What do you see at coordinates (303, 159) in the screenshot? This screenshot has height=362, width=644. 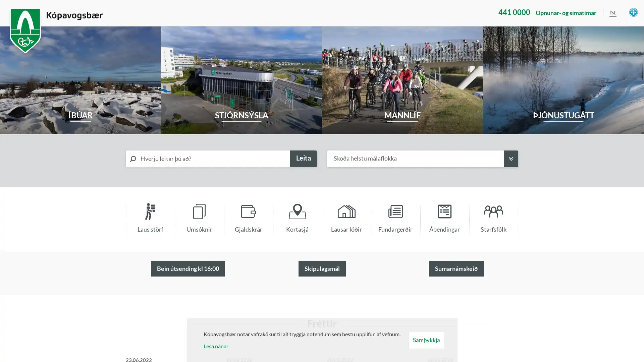 I see `Leita` at bounding box center [303, 159].